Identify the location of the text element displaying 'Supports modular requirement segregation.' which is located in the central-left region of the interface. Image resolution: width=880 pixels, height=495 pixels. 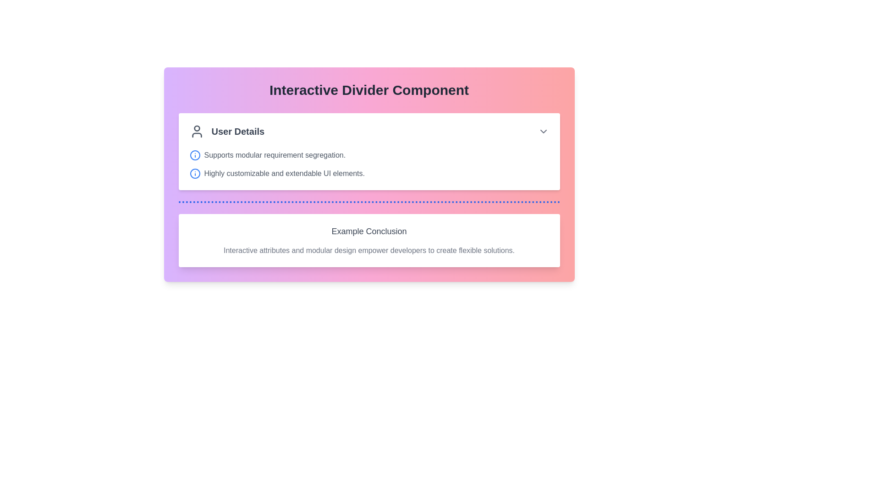
(274, 155).